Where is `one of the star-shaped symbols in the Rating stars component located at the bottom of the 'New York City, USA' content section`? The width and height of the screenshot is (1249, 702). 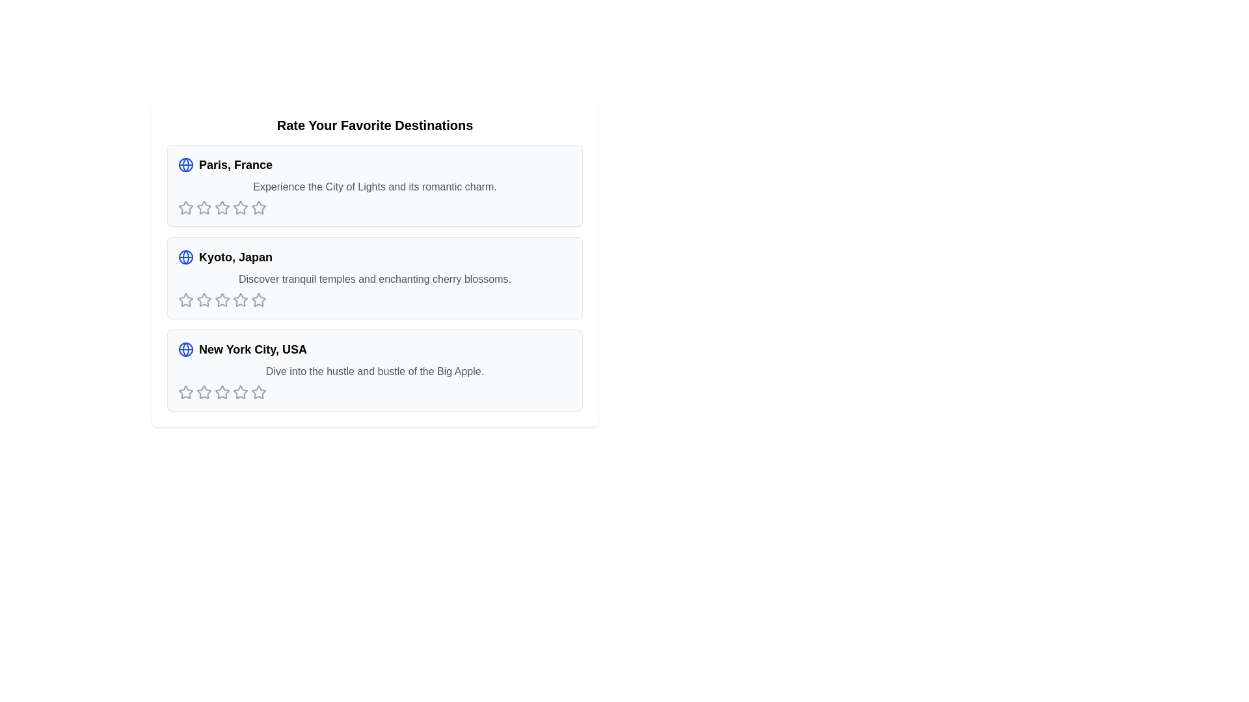
one of the star-shaped symbols in the Rating stars component located at the bottom of the 'New York City, USA' content section is located at coordinates (374, 392).